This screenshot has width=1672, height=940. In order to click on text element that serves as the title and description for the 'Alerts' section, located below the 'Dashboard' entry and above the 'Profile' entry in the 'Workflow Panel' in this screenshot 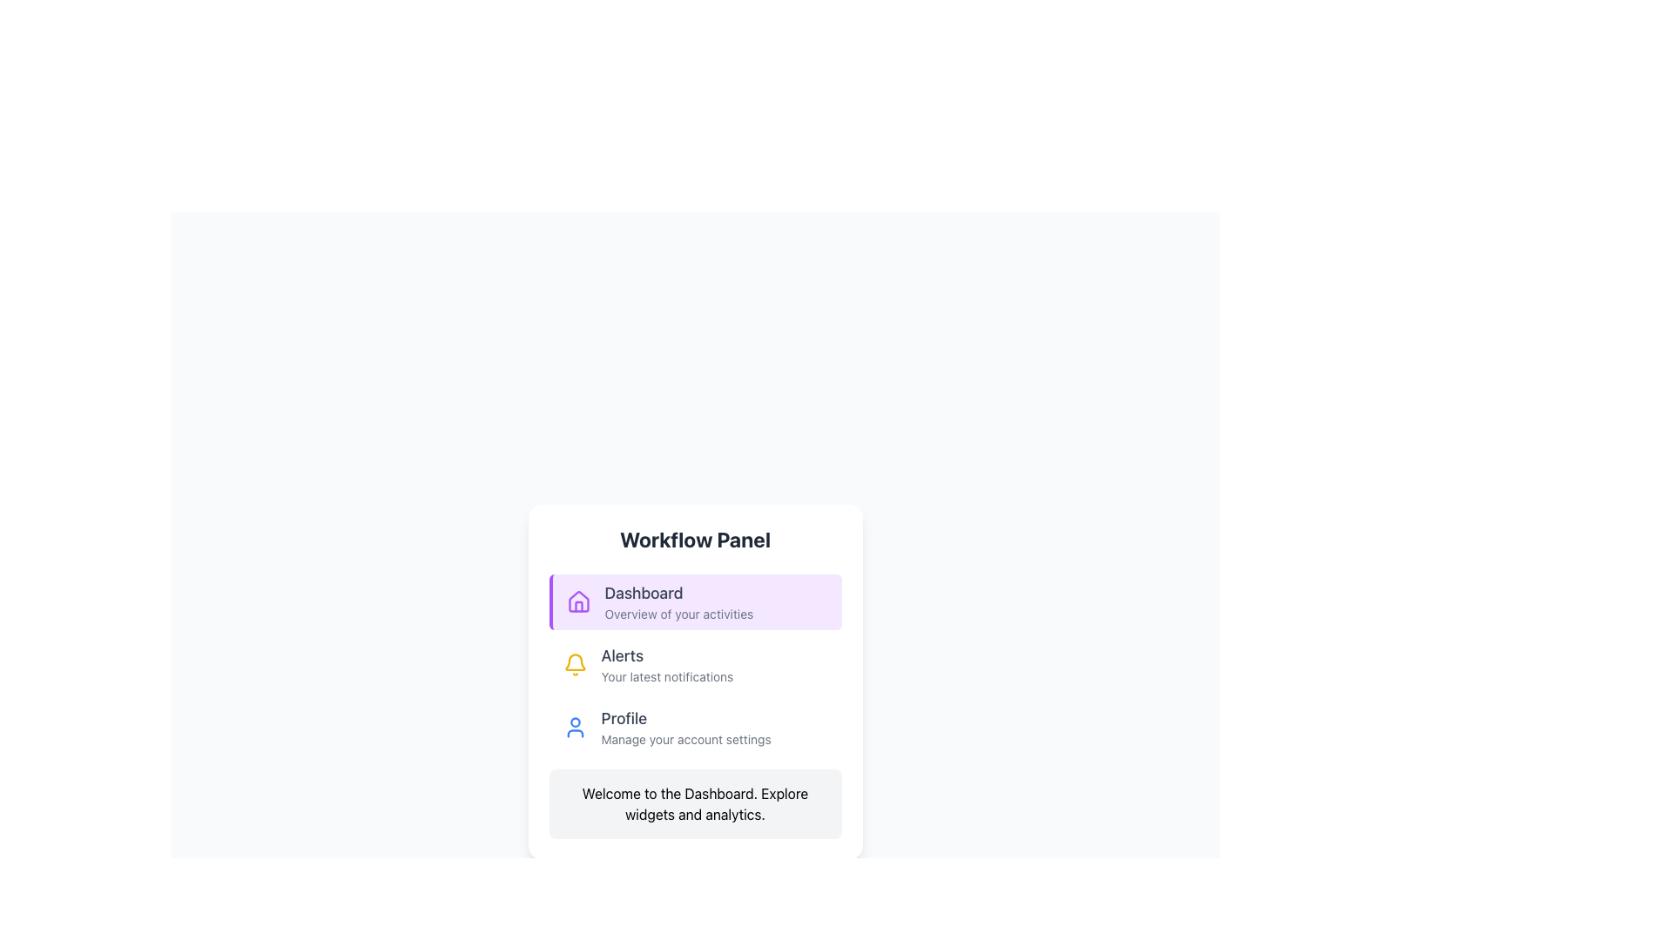, I will do `click(666, 664)`.